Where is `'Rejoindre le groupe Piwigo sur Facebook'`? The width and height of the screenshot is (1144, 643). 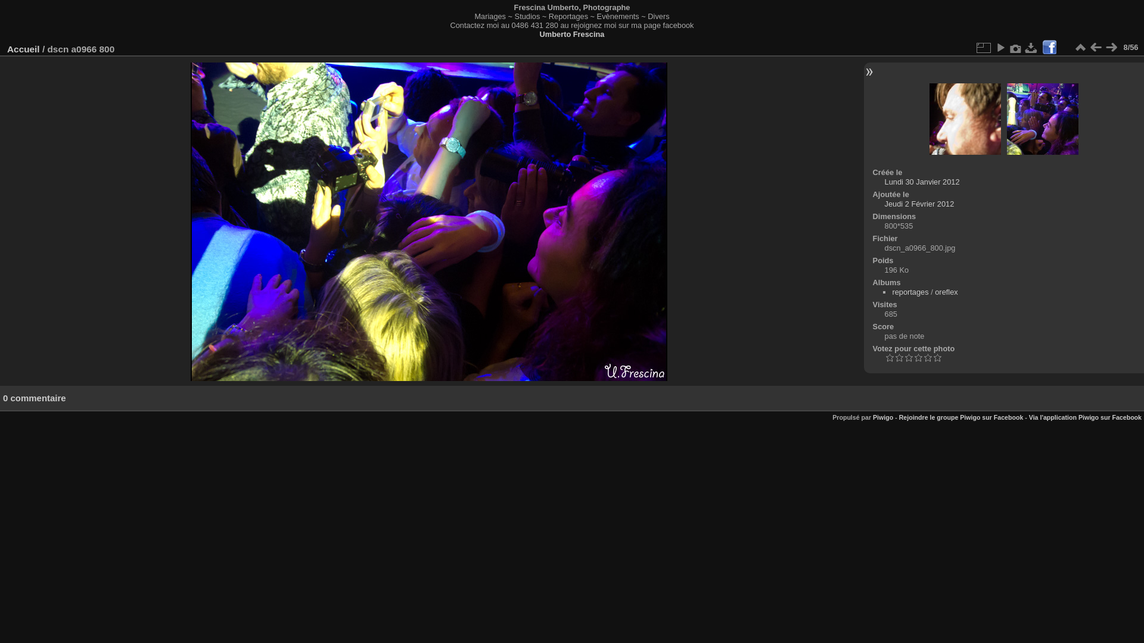
'Rejoindre le groupe Piwigo sur Facebook' is located at coordinates (961, 417).